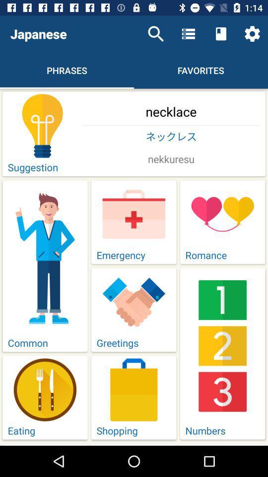 This screenshot has height=477, width=268. I want to click on item above the favorites item, so click(221, 34).